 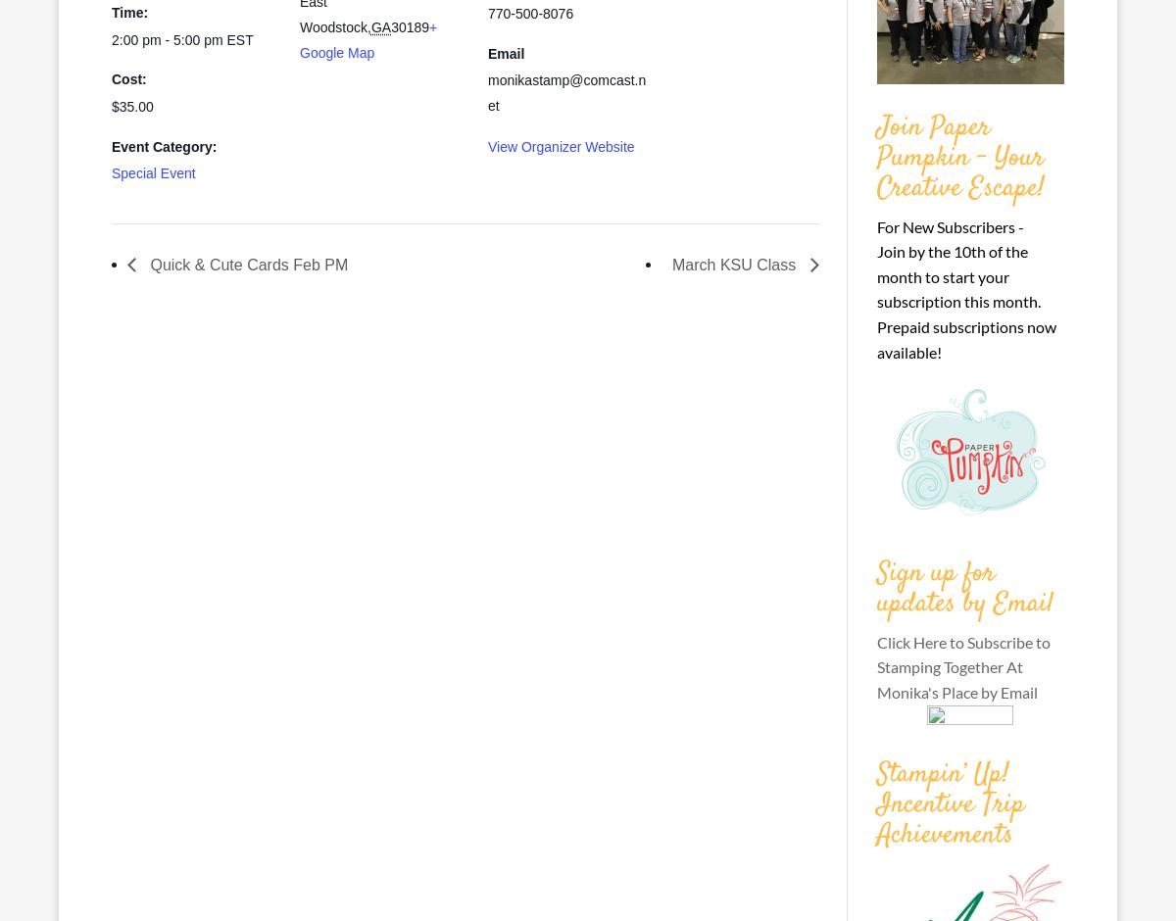 I want to click on 'monikastamp@comcast.net', so click(x=565, y=92).